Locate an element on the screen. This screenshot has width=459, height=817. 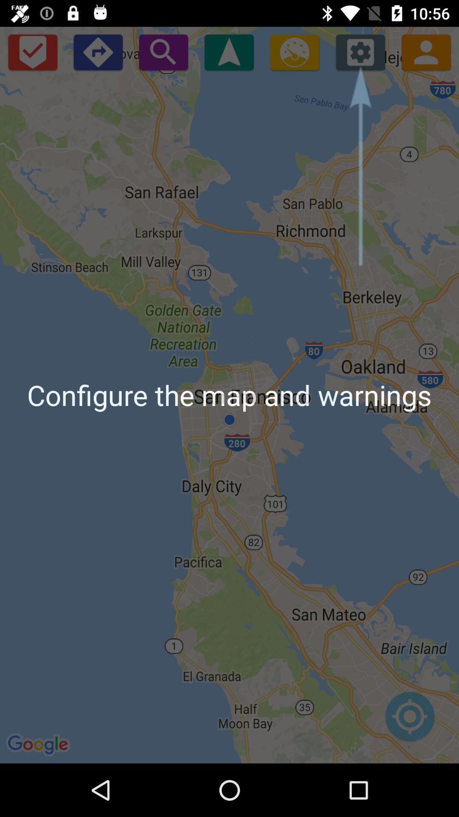
the location_crosshair icon is located at coordinates (409, 720).